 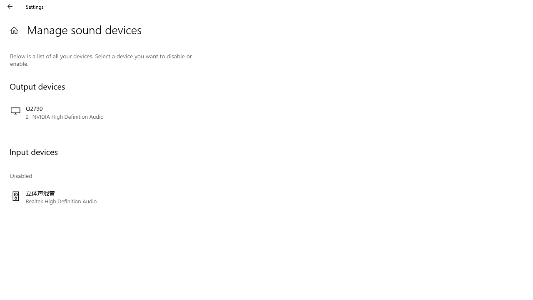 What do you see at coordinates (14, 30) in the screenshot?
I see `'Home'` at bounding box center [14, 30].